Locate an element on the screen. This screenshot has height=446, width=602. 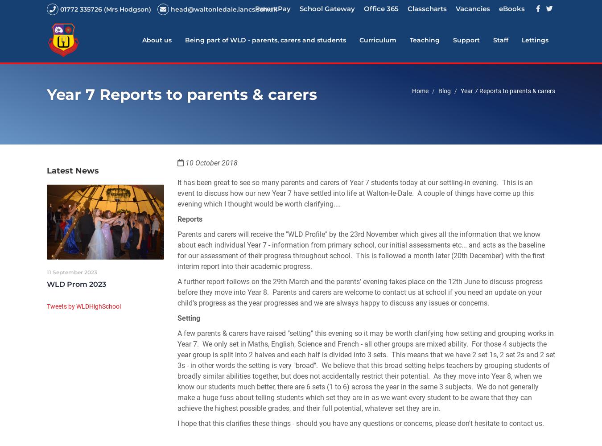
'Staff' is located at coordinates (501, 40).